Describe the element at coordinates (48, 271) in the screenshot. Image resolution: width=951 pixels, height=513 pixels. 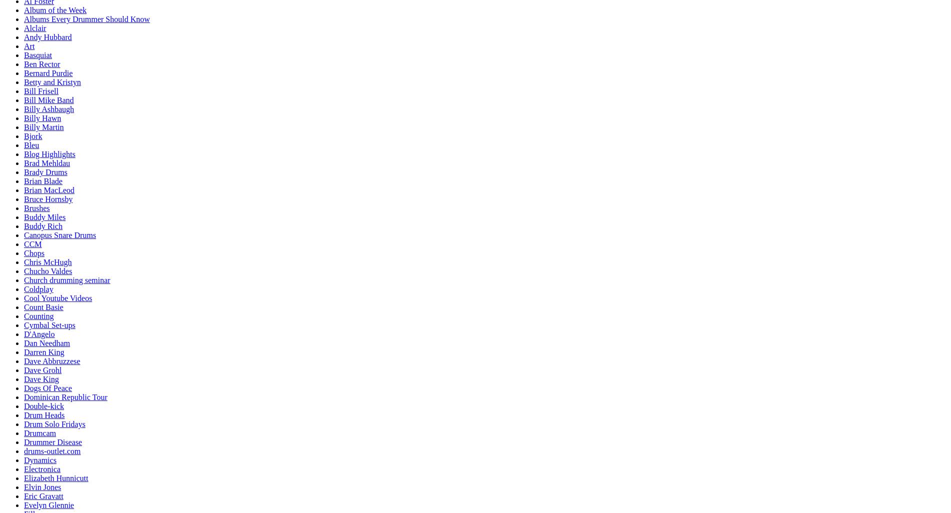
I see `'Chucho Valdes'` at that location.